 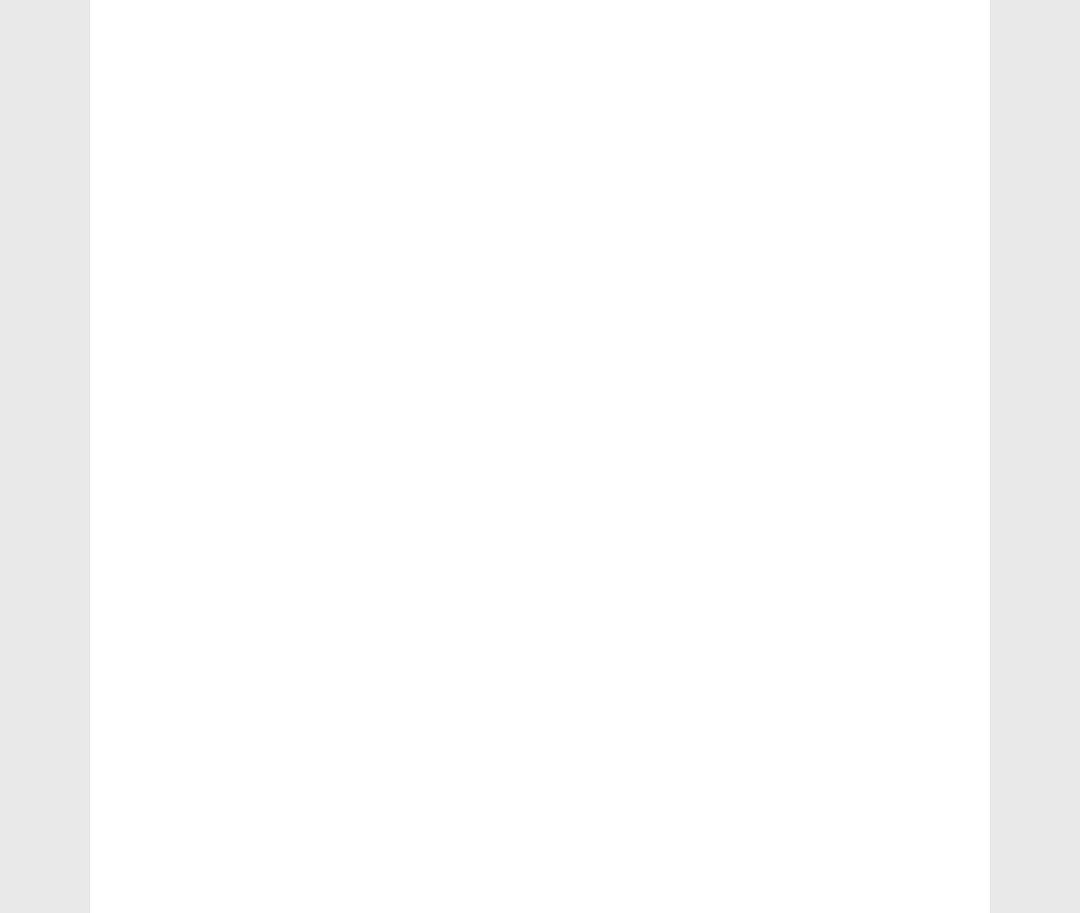 What do you see at coordinates (806, 42) in the screenshot?
I see `'Wordpress'` at bounding box center [806, 42].